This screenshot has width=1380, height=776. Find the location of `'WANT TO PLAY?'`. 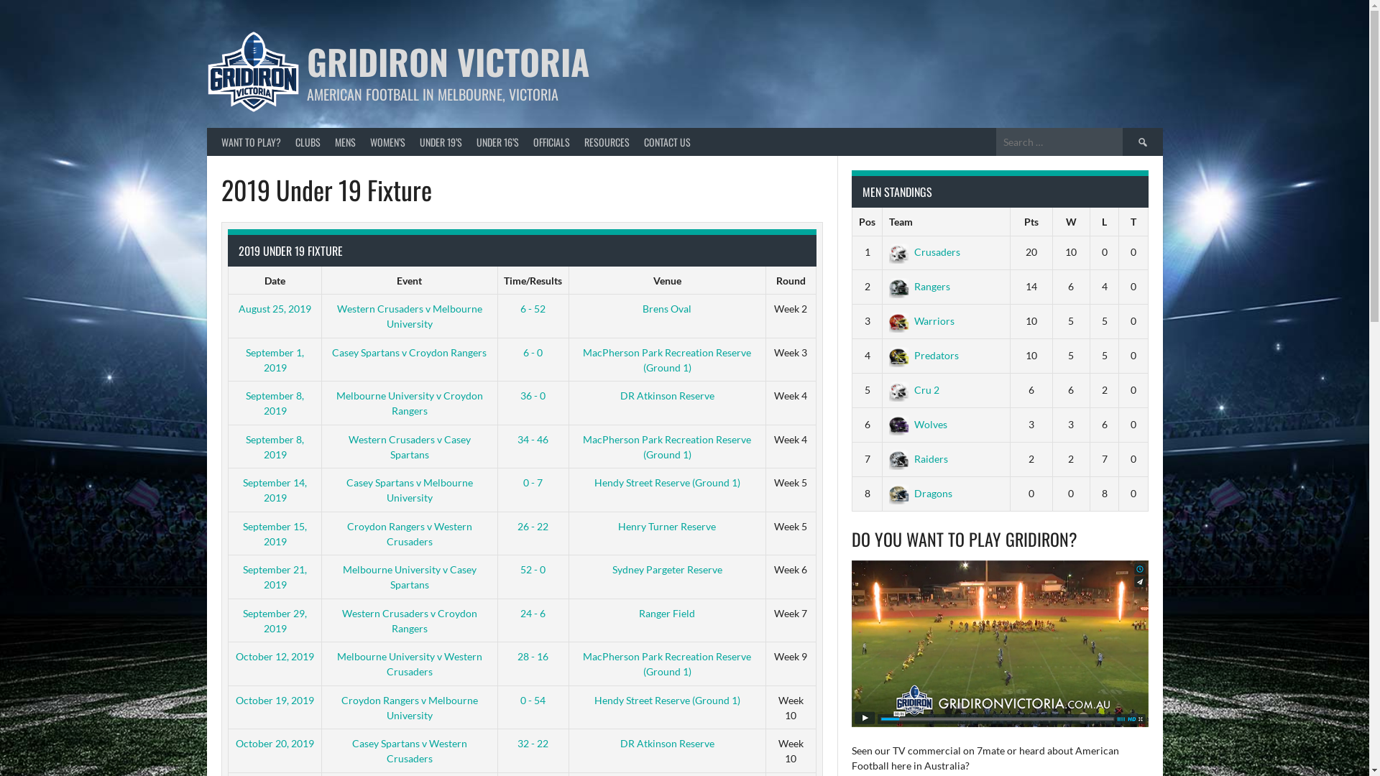

'WANT TO PLAY?' is located at coordinates (251, 142).